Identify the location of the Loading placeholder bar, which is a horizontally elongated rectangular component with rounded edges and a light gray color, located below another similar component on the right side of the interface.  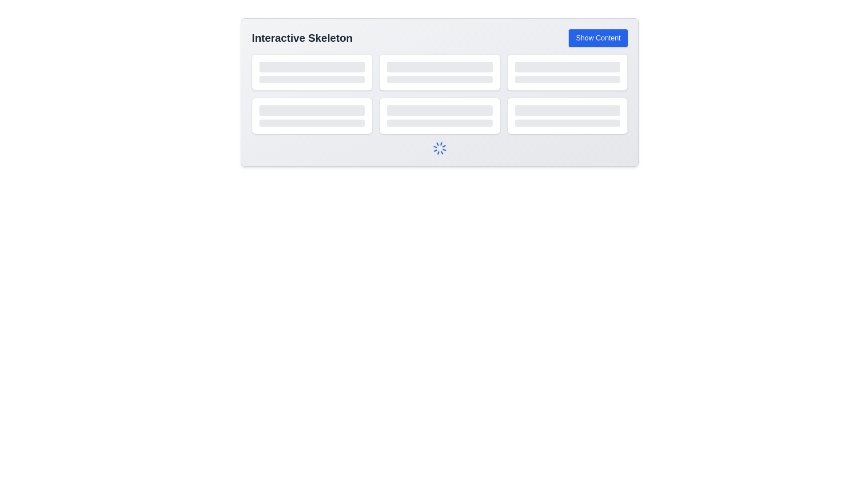
(567, 123).